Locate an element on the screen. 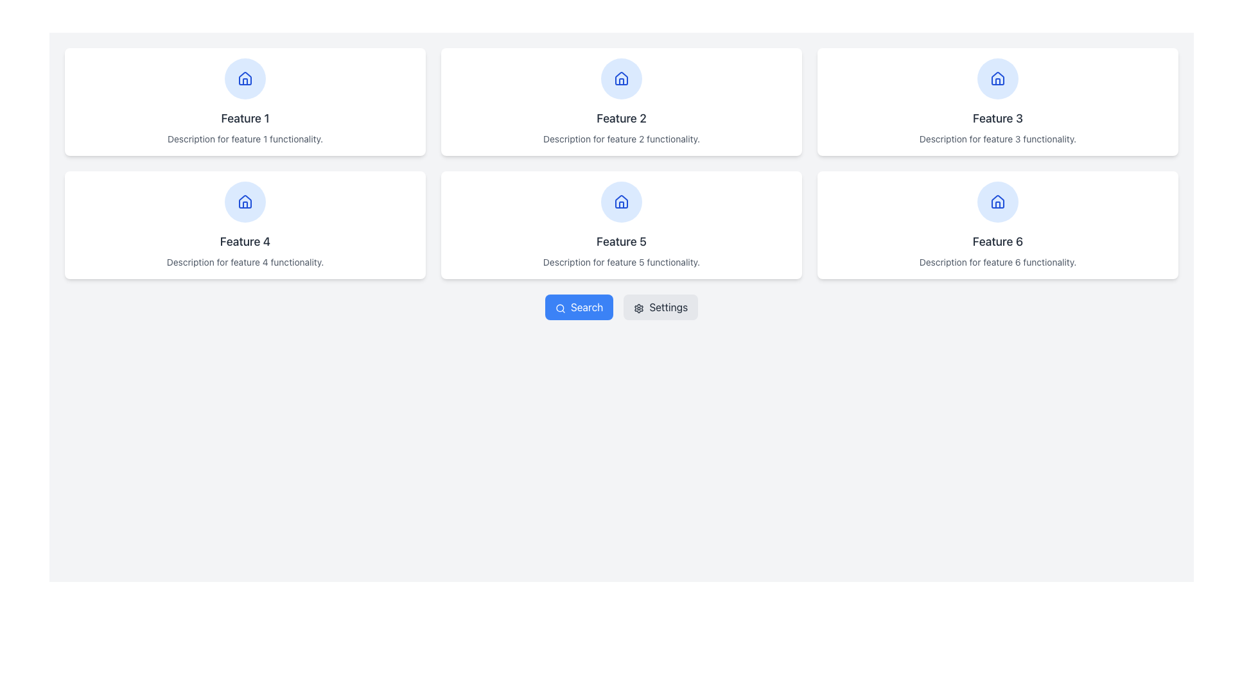  the magnifying glass icon within the blue 'Search' button, which is positioned to the left of the text 'Search' is located at coordinates (560, 308).